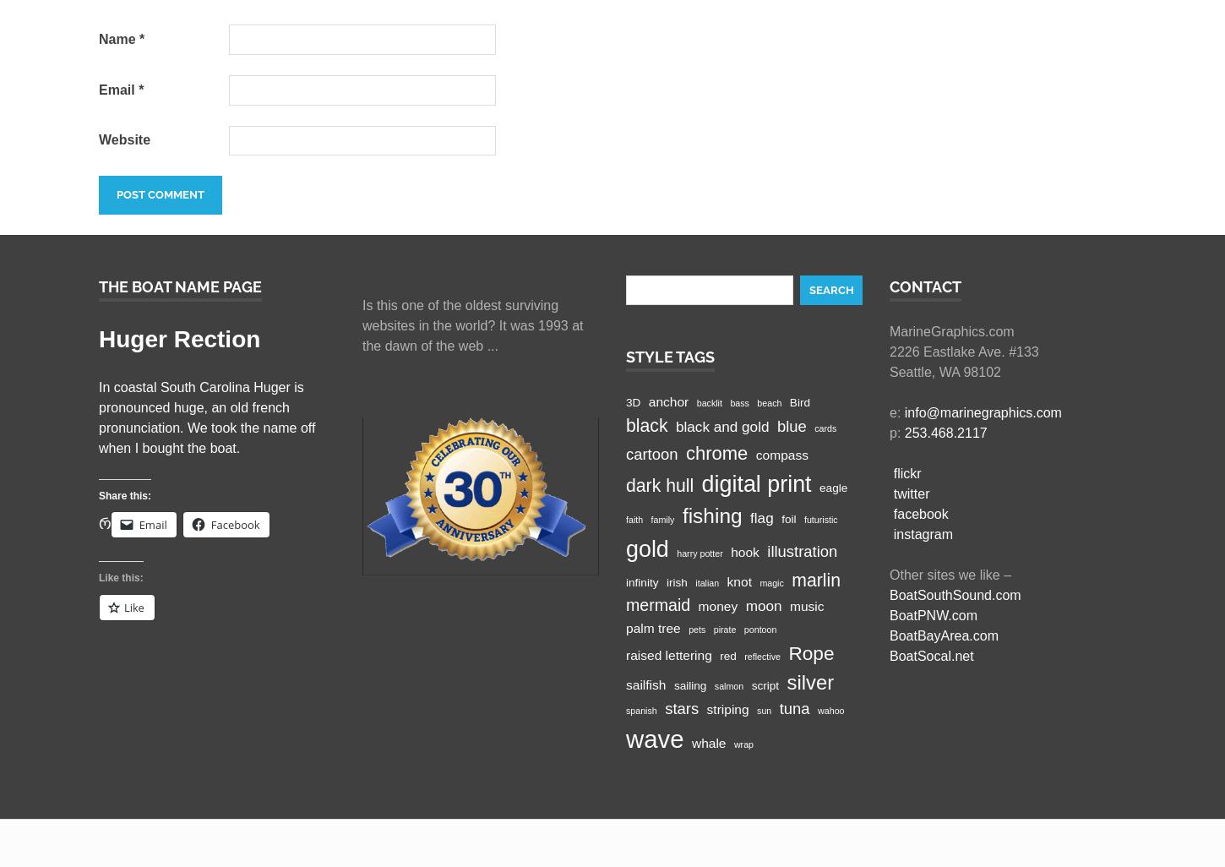 The image size is (1225, 867). I want to click on 'red', so click(719, 654).